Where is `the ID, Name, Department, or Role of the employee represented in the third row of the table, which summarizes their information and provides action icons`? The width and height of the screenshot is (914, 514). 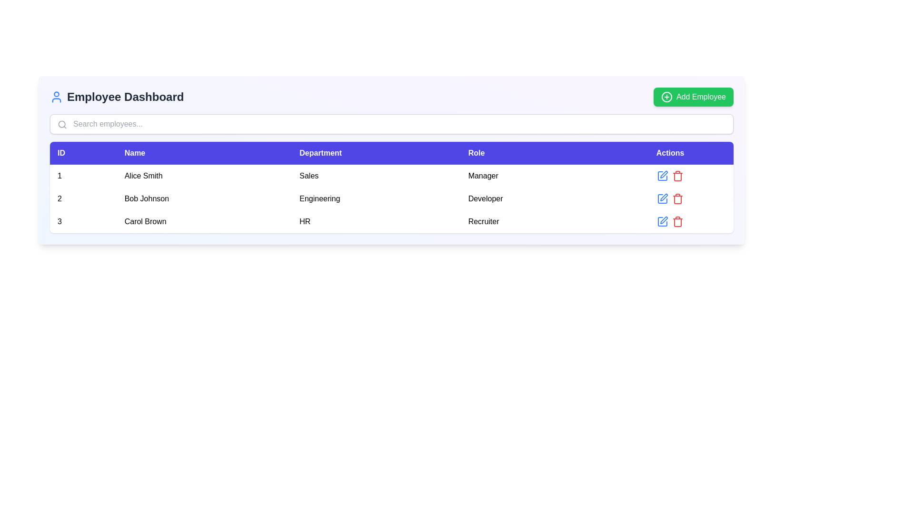
the ID, Name, Department, or Role of the employee represented in the third row of the table, which summarizes their information and provides action icons is located at coordinates (391, 222).